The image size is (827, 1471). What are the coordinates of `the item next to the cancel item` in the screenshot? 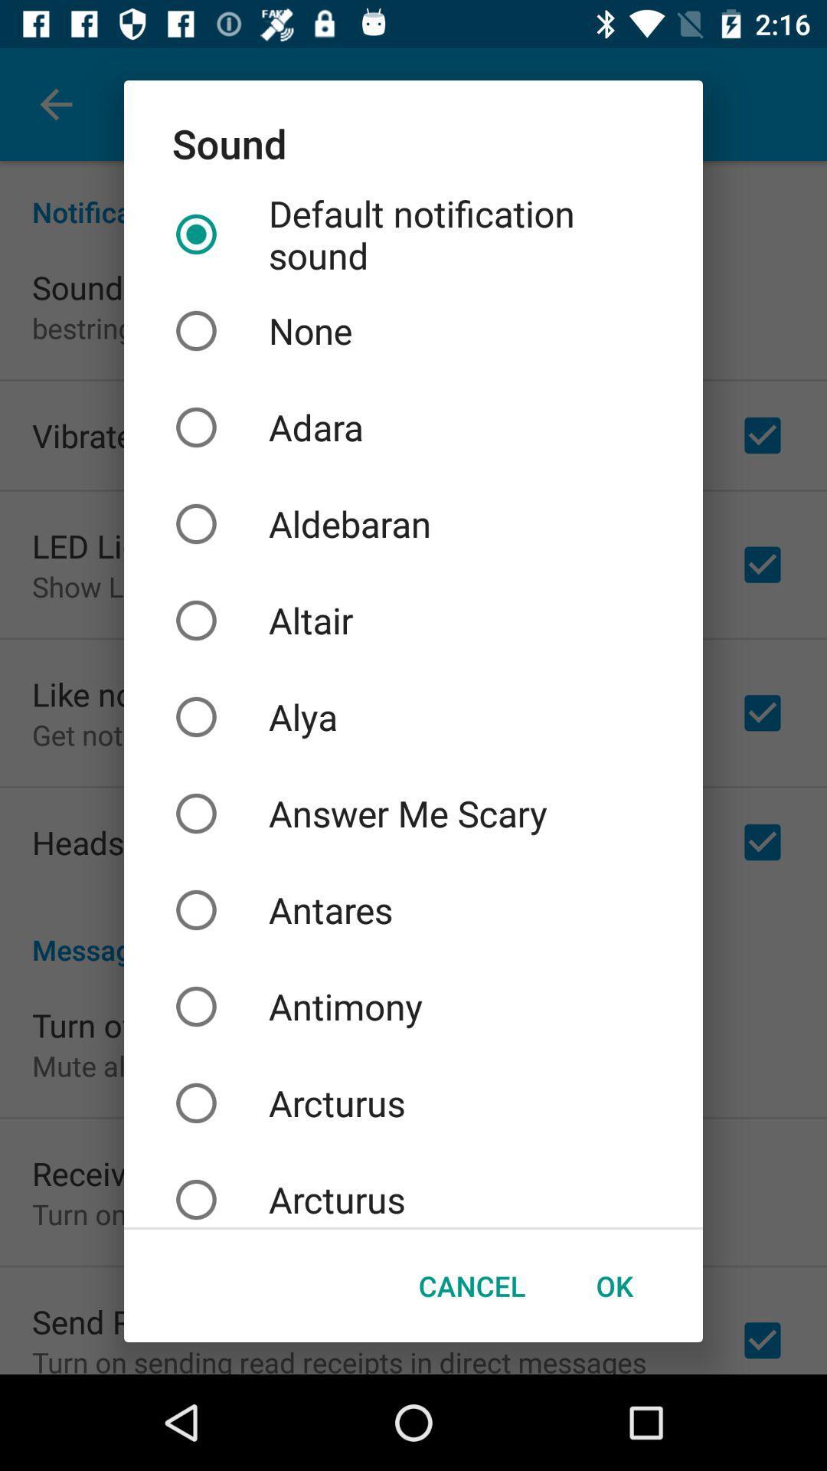 It's located at (613, 1286).